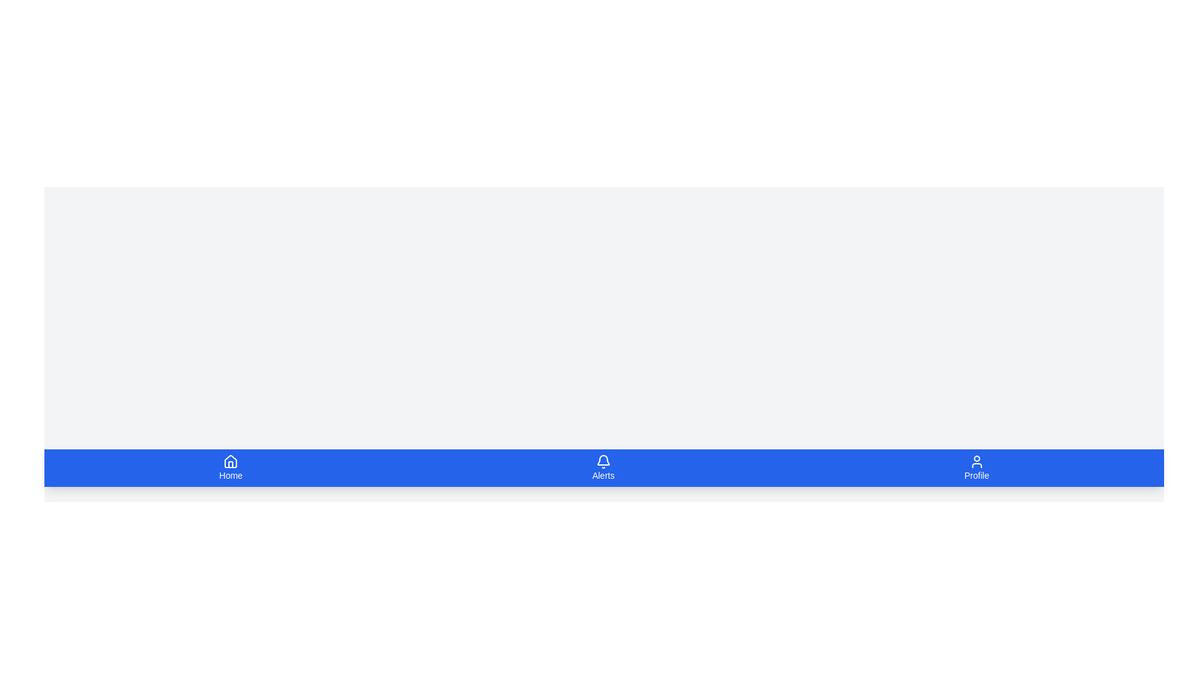 The height and width of the screenshot is (675, 1201). What do you see at coordinates (603, 460) in the screenshot?
I see `the 'Alerts' notification icon located in the center of the bottom navigation bar to interact with the notification system` at bounding box center [603, 460].